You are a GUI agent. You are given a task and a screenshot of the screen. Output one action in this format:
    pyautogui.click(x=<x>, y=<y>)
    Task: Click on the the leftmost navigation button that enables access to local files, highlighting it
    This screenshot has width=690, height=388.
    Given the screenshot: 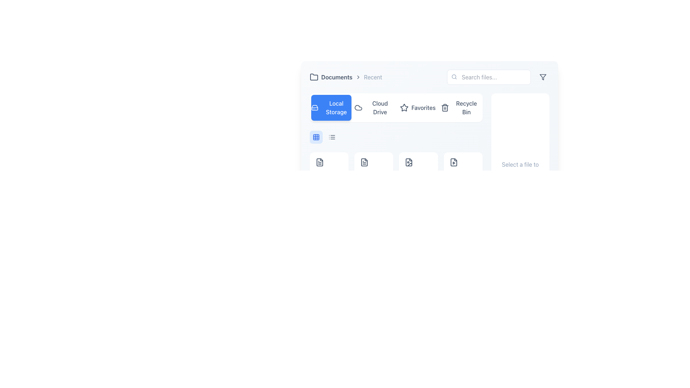 What is the action you would take?
    pyautogui.click(x=331, y=108)
    